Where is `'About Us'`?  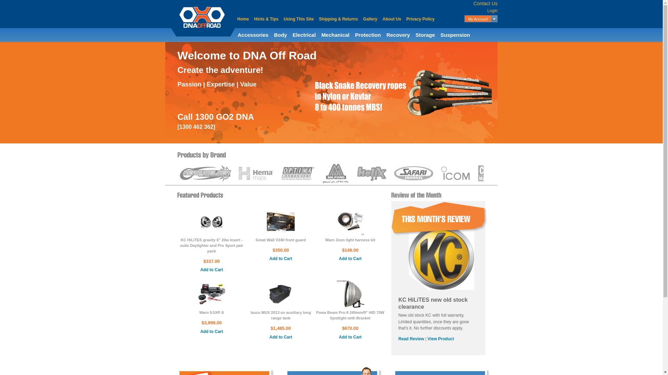 'About Us' is located at coordinates (392, 18).